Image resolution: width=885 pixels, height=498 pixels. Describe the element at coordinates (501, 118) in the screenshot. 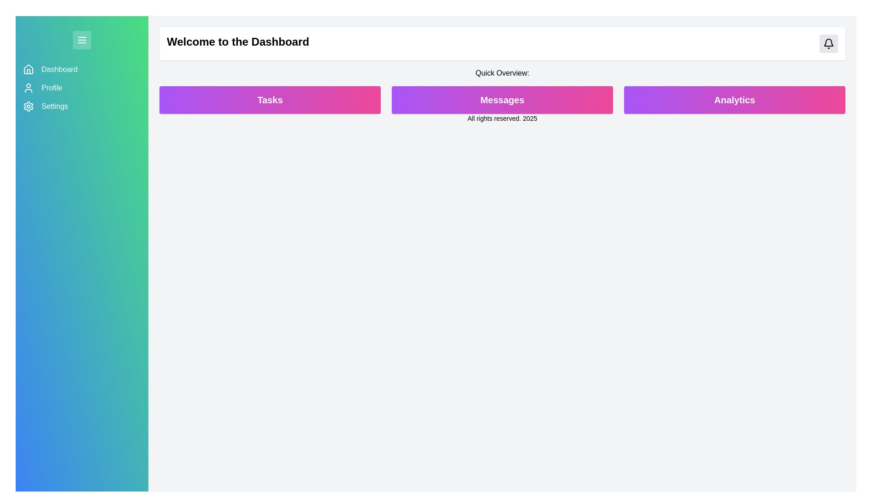

I see `the footer text displaying copyright information located at the bottom of the content section, below the cards labeled 'Tasks', 'Messages', and 'Analytics'` at that location.